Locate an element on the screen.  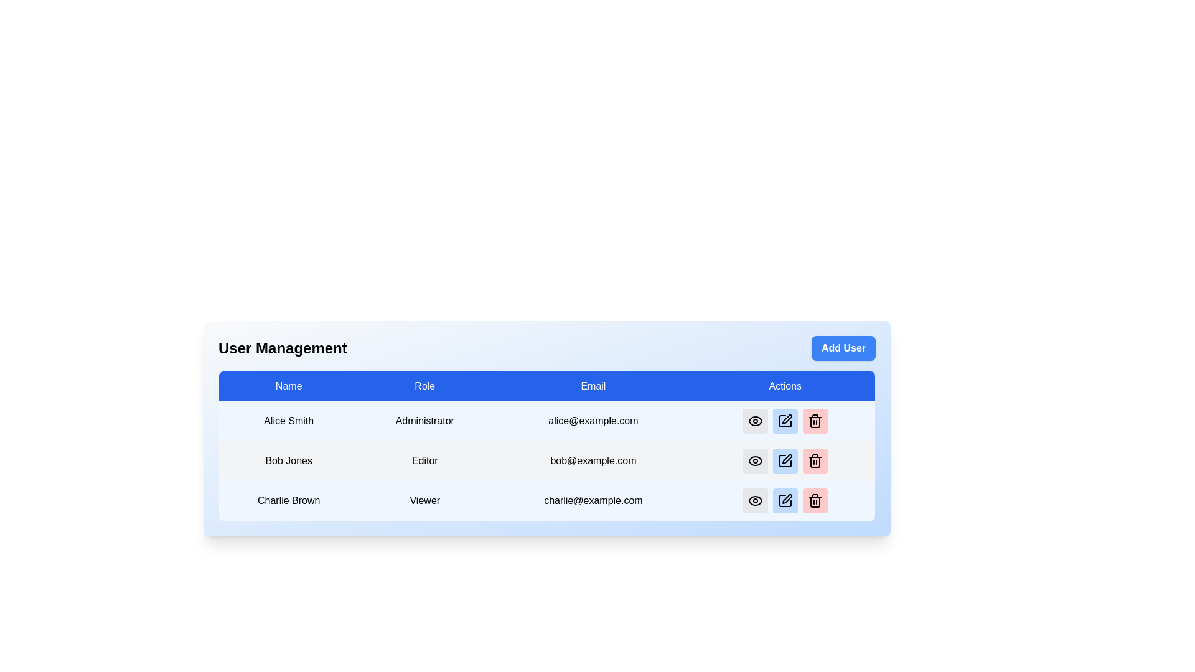
the edit icon button, which is a minimalistic blue pen icon located in the 'Actions' column of the last row for user 'Charlie Brown', to initiate editing is located at coordinates (784, 500).